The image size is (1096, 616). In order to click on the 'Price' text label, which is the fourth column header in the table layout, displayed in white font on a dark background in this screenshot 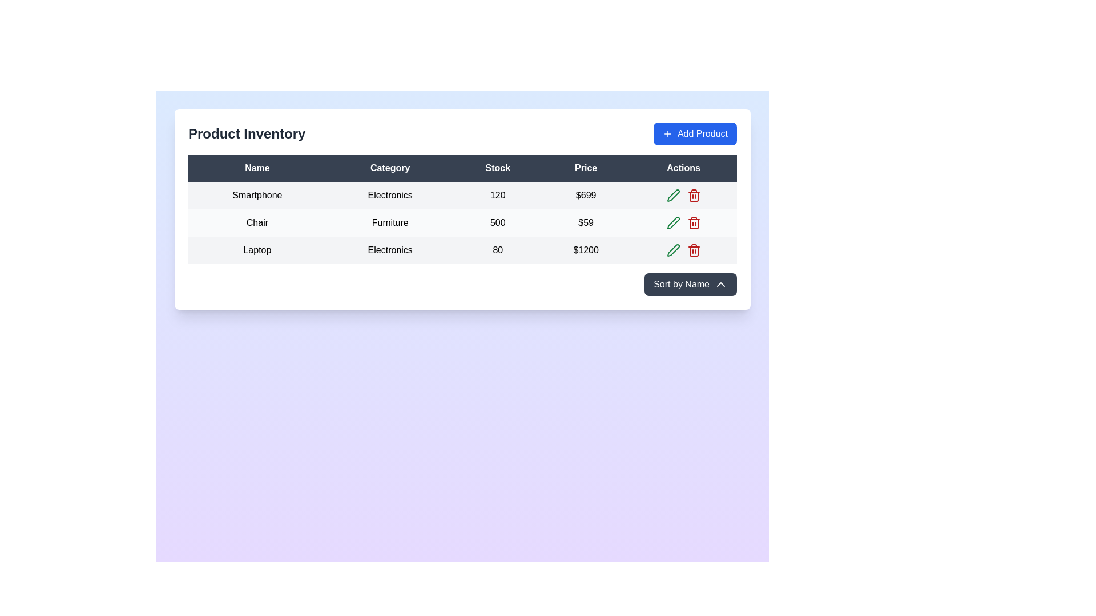, I will do `click(586, 168)`.